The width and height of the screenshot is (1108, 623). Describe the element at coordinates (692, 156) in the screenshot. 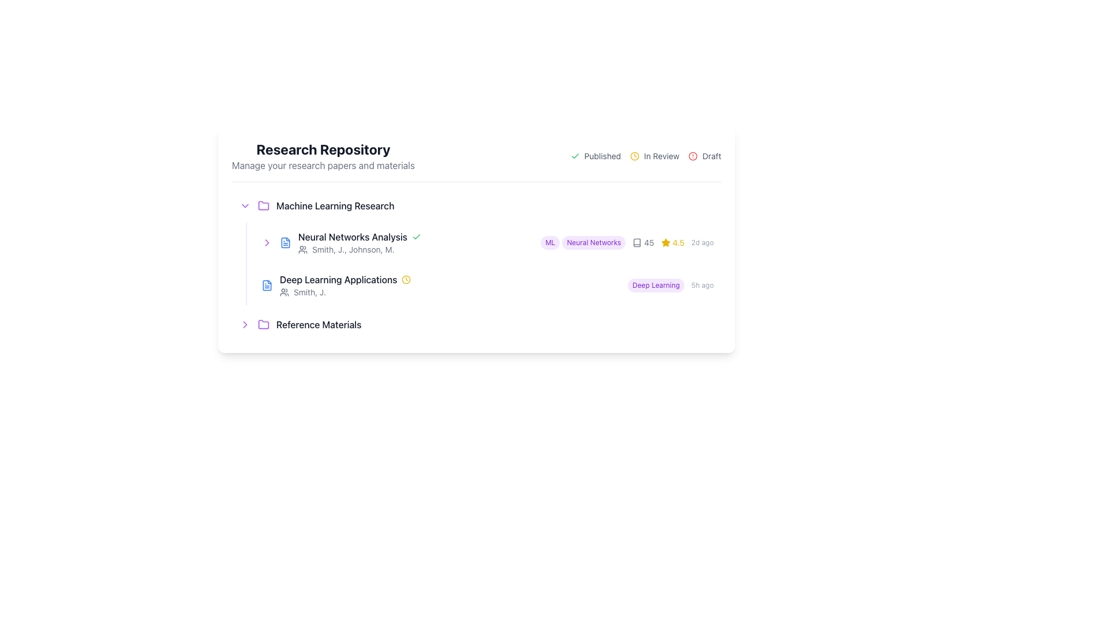

I see `the circular icon with a red border that is located next to the 'Draft' text in the top-right section of the interface` at that location.